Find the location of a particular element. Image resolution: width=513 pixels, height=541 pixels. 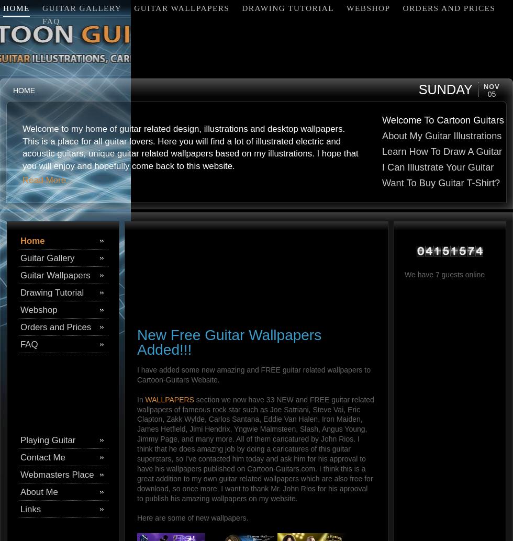

'section we now have 33 NEW and FREE guitar related wallpapers of fameous rock star such as Joe Satriani, Steve Vai, Eric Clapton, Zakk Wylde, Carlos Santana, Eddie Van Halen, Iron Maiden, James Hetfield, Jimi Hendrix, Yngwie Malmsteen, Slash, Angus Young, Jimmy Page, and many more. All of them caricatured by John Rios. I think that he does amazng job by doing a caricatures of this guitar superstars, so I've contacted him today and ask him for his approval to have his wallpapers published on Cartoon-Guitars.com. I think this is a great addition to my own guitar related wallpapers which are also free for download, so once more, I want to thank Mr. John Rios for his aprooval to publish his amazing wallpapers on my website.' is located at coordinates (255, 448).